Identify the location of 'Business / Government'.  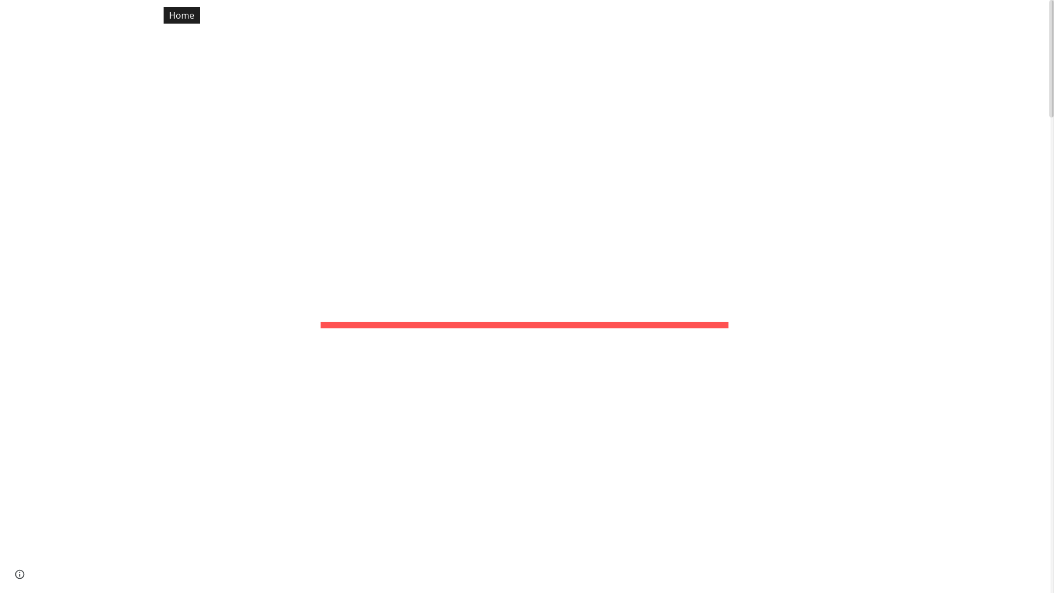
(860, 15).